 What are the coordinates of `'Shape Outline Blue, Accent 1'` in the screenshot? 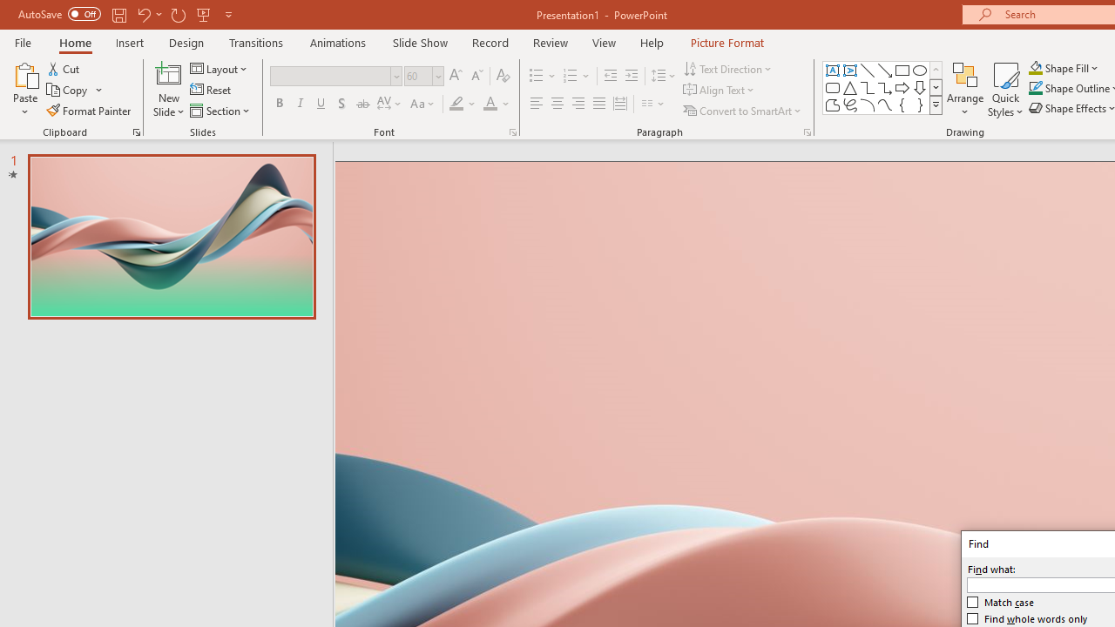 It's located at (1036, 88).